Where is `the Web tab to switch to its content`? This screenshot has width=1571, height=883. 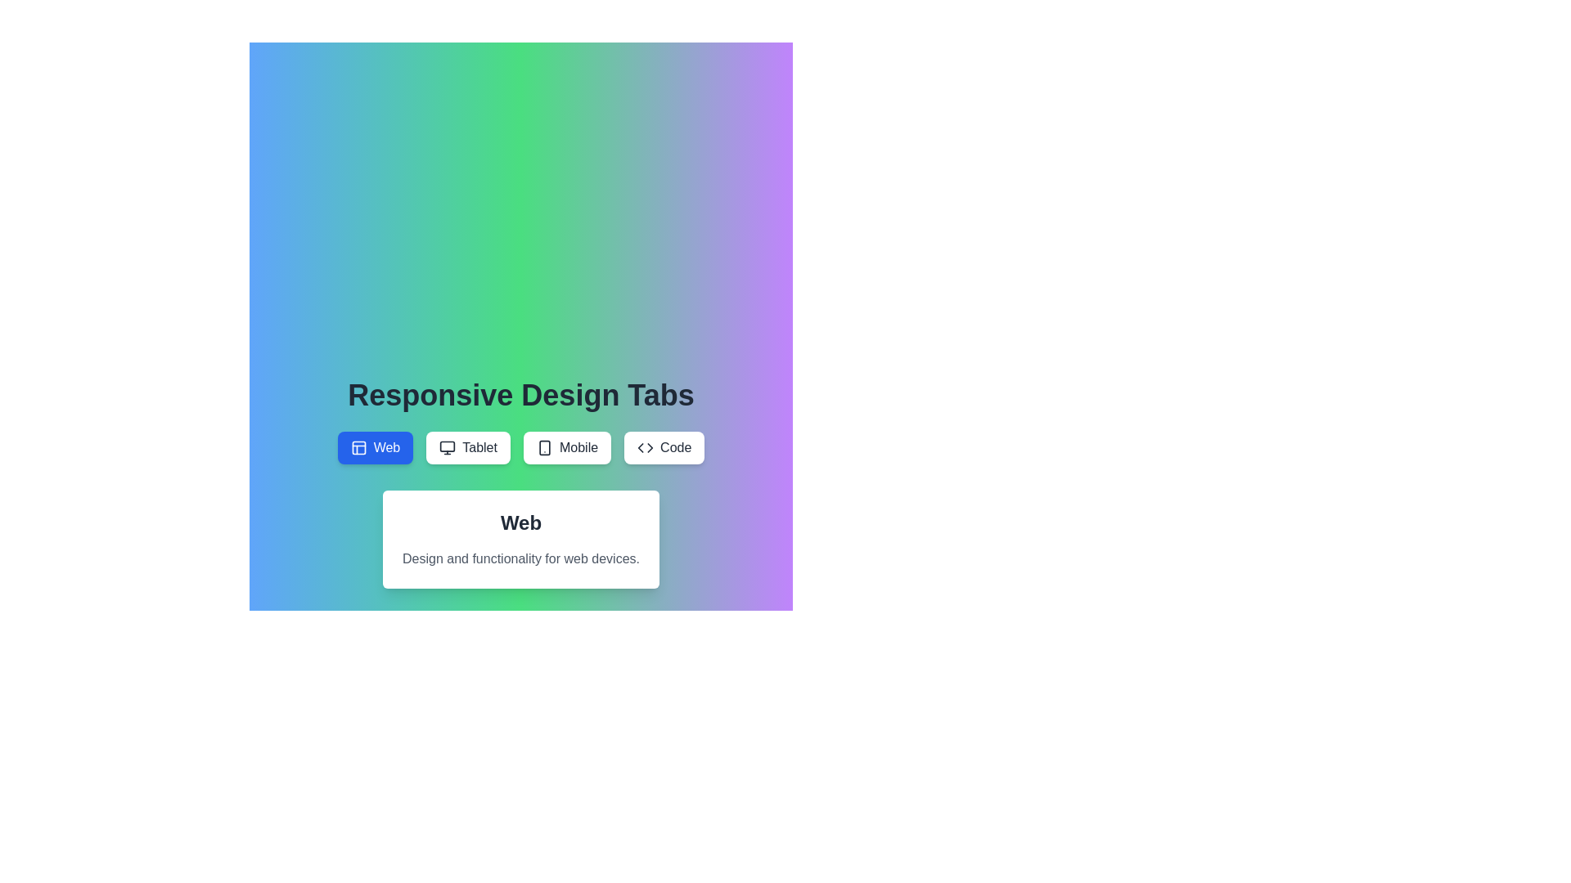
the Web tab to switch to its content is located at coordinates (374, 447).